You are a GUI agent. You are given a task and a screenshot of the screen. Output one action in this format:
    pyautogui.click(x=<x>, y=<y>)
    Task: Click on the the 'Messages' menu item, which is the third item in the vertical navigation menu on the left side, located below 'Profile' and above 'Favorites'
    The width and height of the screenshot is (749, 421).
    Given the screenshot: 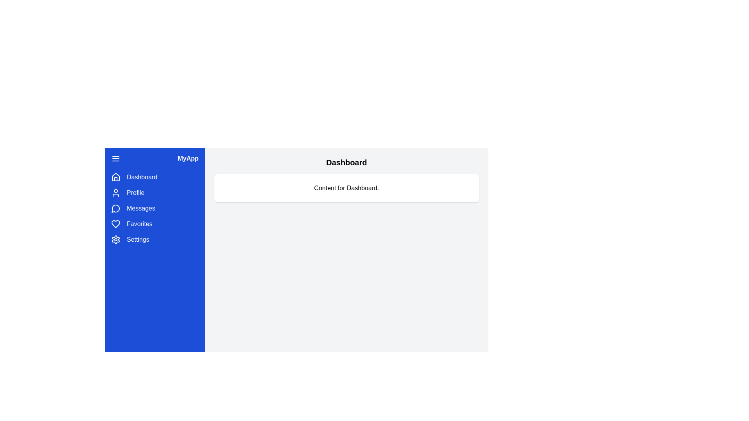 What is the action you would take?
    pyautogui.click(x=155, y=208)
    